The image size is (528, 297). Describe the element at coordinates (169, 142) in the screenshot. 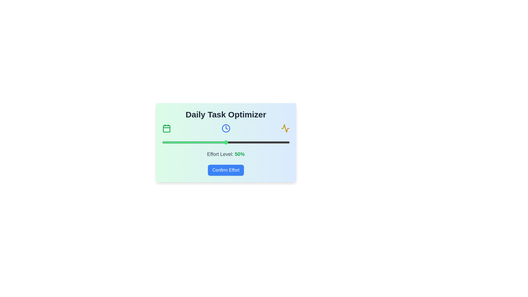

I see `the effort level to 6% by interacting with the slider` at that location.